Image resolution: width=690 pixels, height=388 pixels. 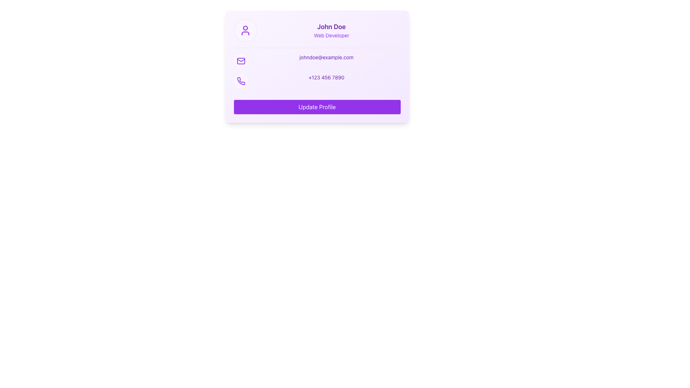 What do you see at coordinates (241, 81) in the screenshot?
I see `the purple phone icon located in the contact information section of the profile card` at bounding box center [241, 81].